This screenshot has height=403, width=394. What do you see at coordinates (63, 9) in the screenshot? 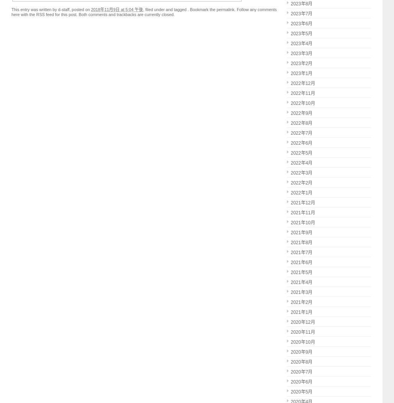
I see `'d-staff'` at bounding box center [63, 9].